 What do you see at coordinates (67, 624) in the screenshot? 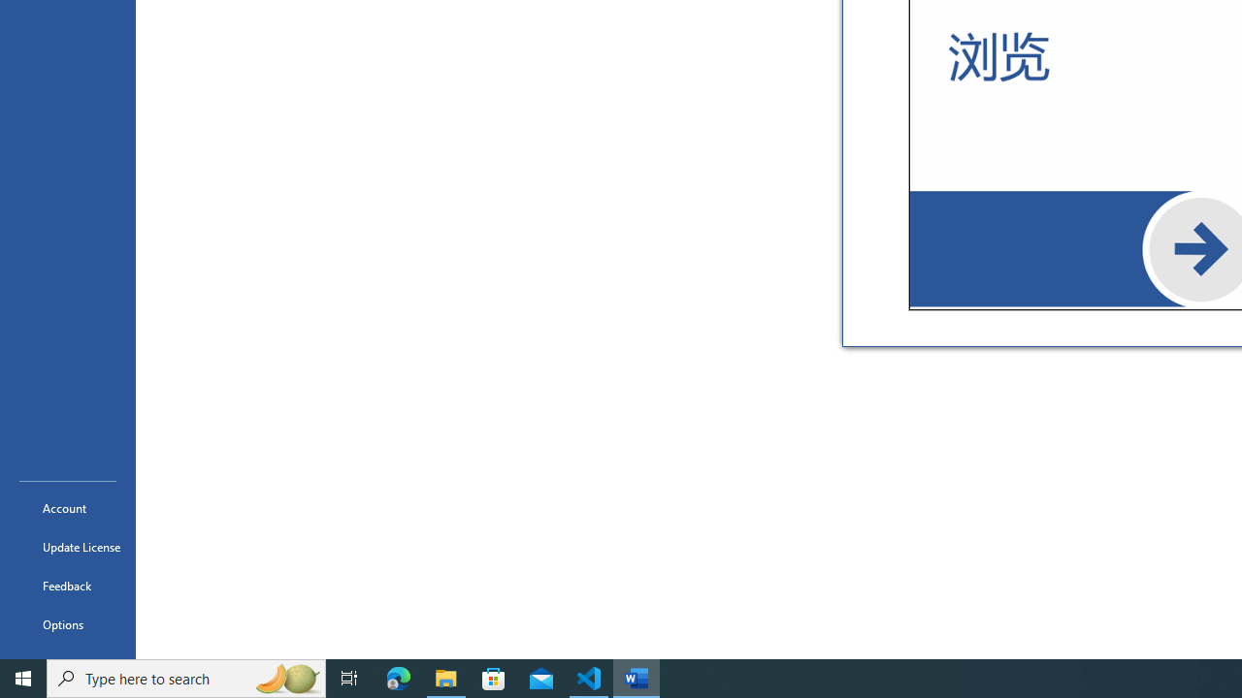
I see `'Options'` at bounding box center [67, 624].